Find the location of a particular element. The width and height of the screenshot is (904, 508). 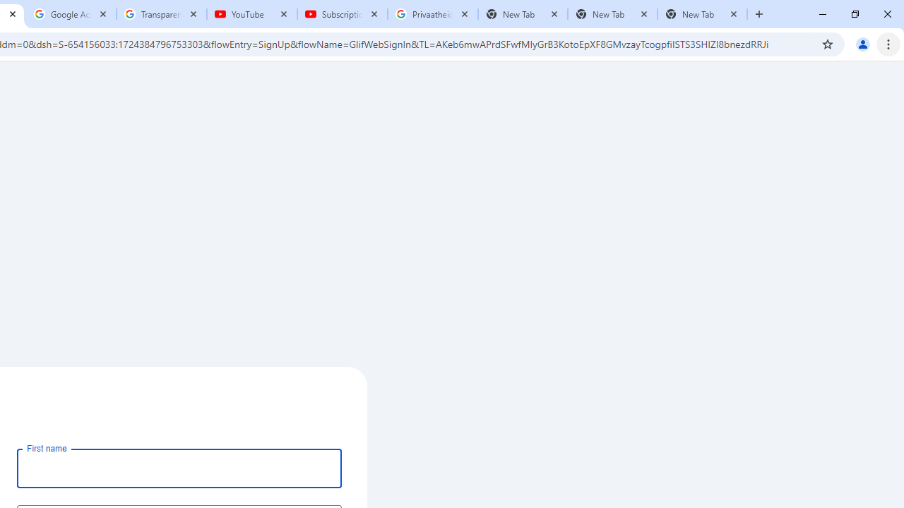

'First name' is located at coordinates (179, 468).